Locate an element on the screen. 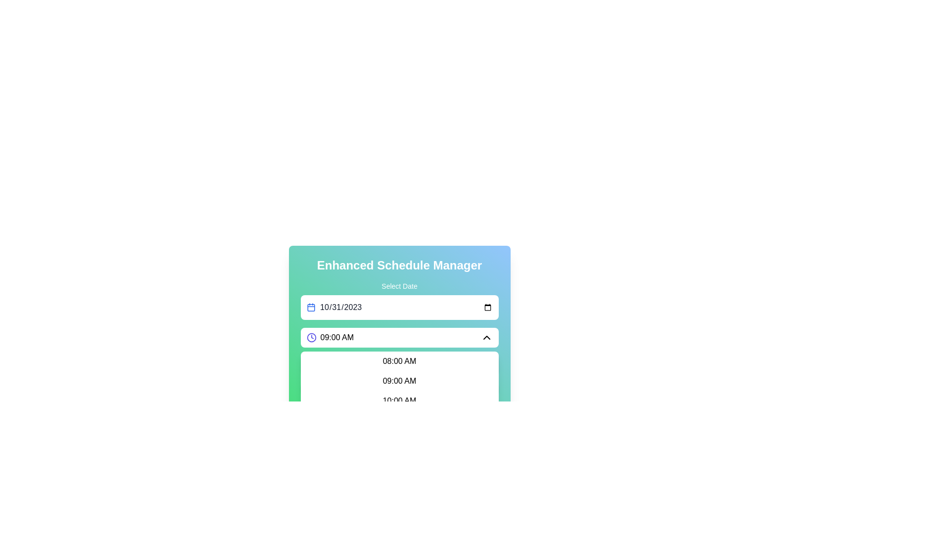 The height and width of the screenshot is (534, 950). the third list item in the dropdown menu is located at coordinates (399, 400).